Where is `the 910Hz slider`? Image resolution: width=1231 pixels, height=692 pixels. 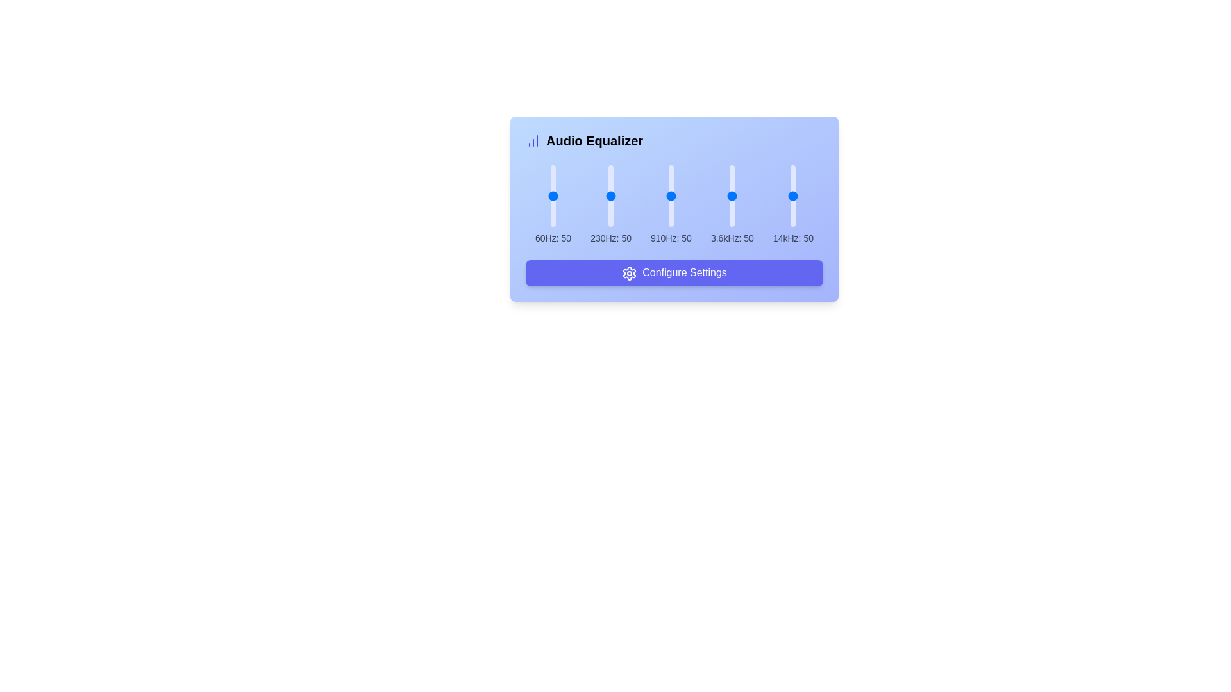 the 910Hz slider is located at coordinates (670, 210).